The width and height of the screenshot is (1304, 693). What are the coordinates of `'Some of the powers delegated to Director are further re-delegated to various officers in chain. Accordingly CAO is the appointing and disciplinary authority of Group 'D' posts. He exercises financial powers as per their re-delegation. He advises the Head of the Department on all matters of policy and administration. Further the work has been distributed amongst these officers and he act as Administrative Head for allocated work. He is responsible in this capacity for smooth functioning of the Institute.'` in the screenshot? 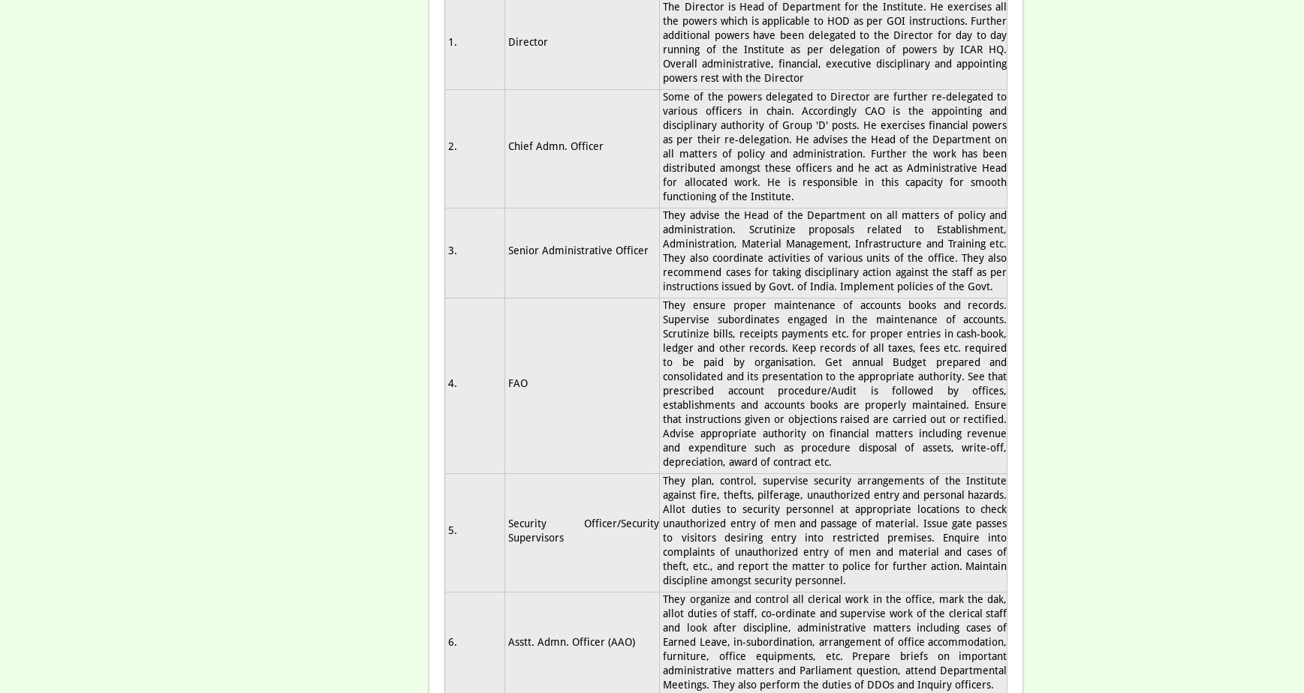 It's located at (835, 145).